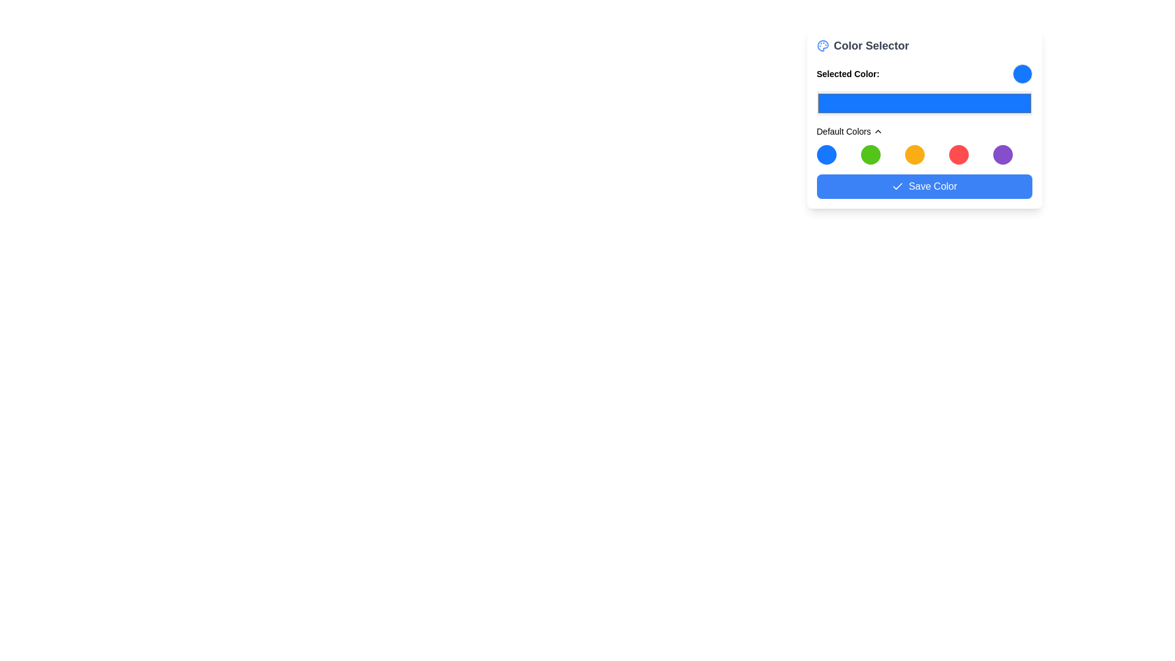 Image resolution: width=1175 pixels, height=661 pixels. Describe the element at coordinates (897, 186) in the screenshot. I see `the confirmation icon located at the leftmost position of the 'Save Color' button at the bottom of the color selector interface` at that location.